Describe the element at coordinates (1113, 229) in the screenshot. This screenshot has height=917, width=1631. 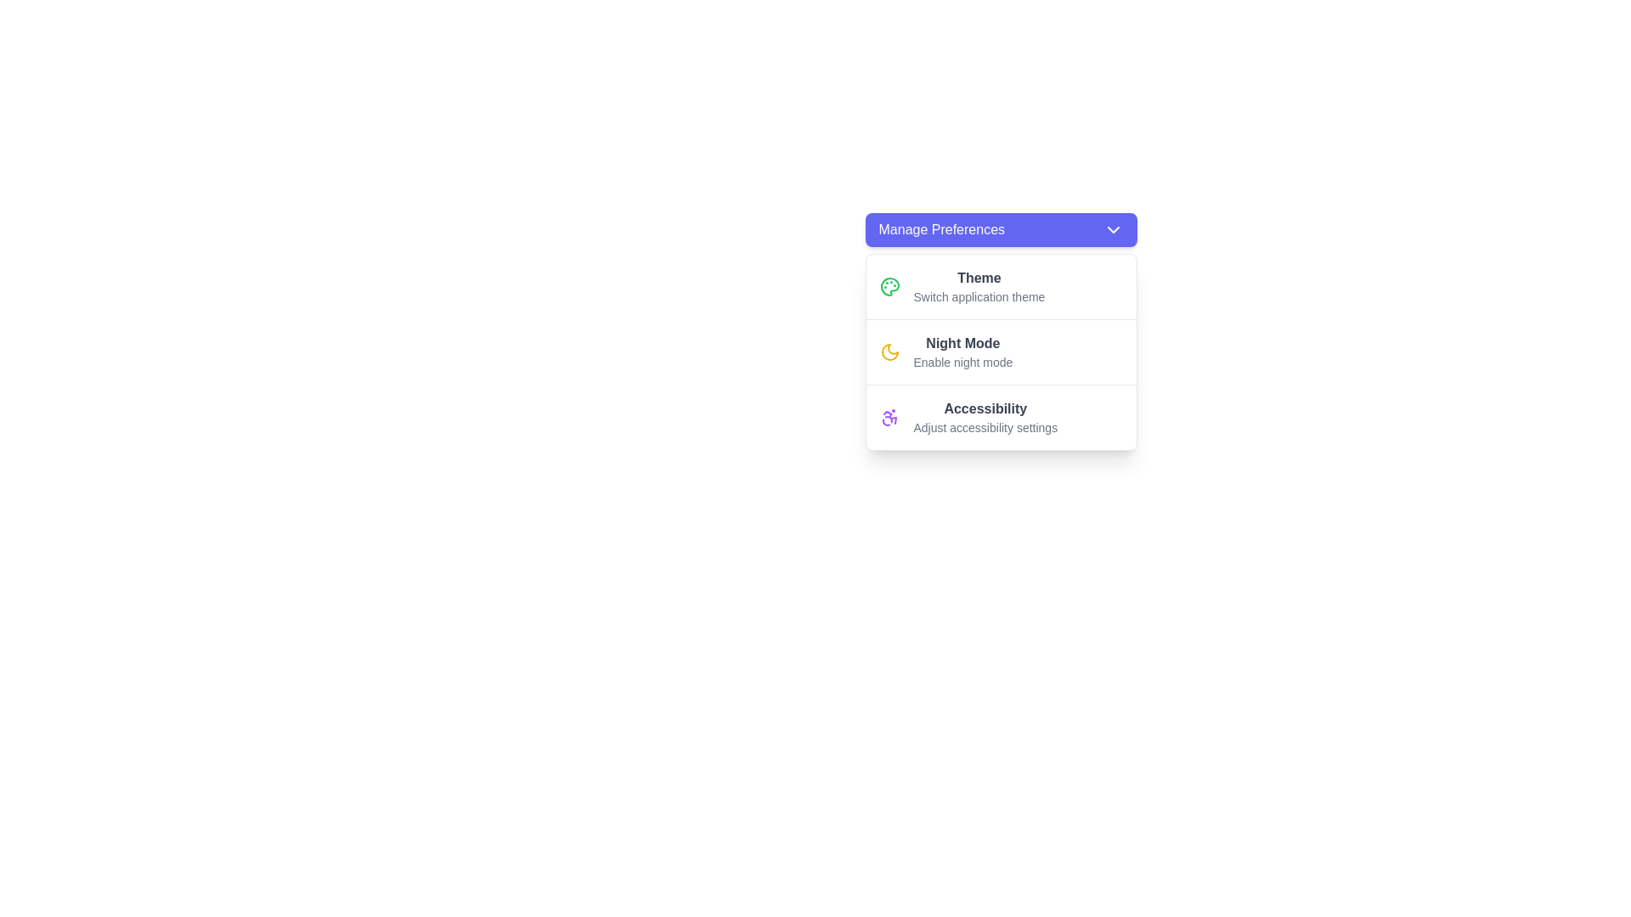
I see `keyboard navigation` at that location.